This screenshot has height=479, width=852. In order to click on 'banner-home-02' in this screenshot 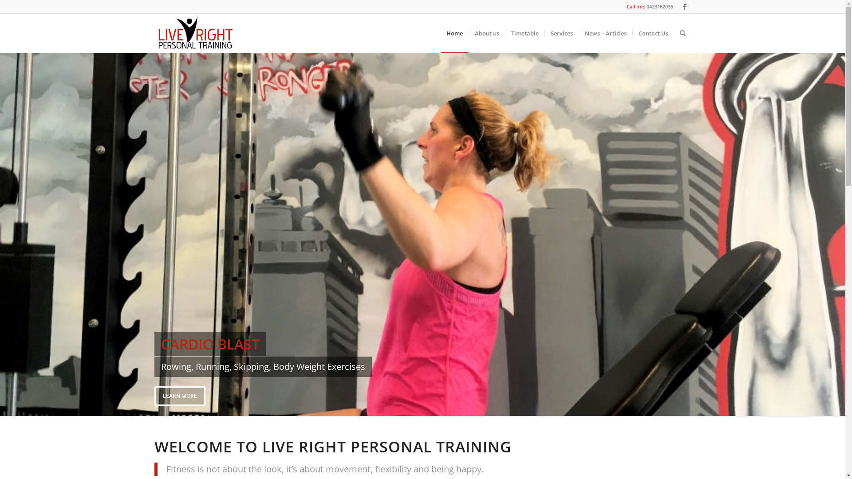, I will do `click(422, 234)`.